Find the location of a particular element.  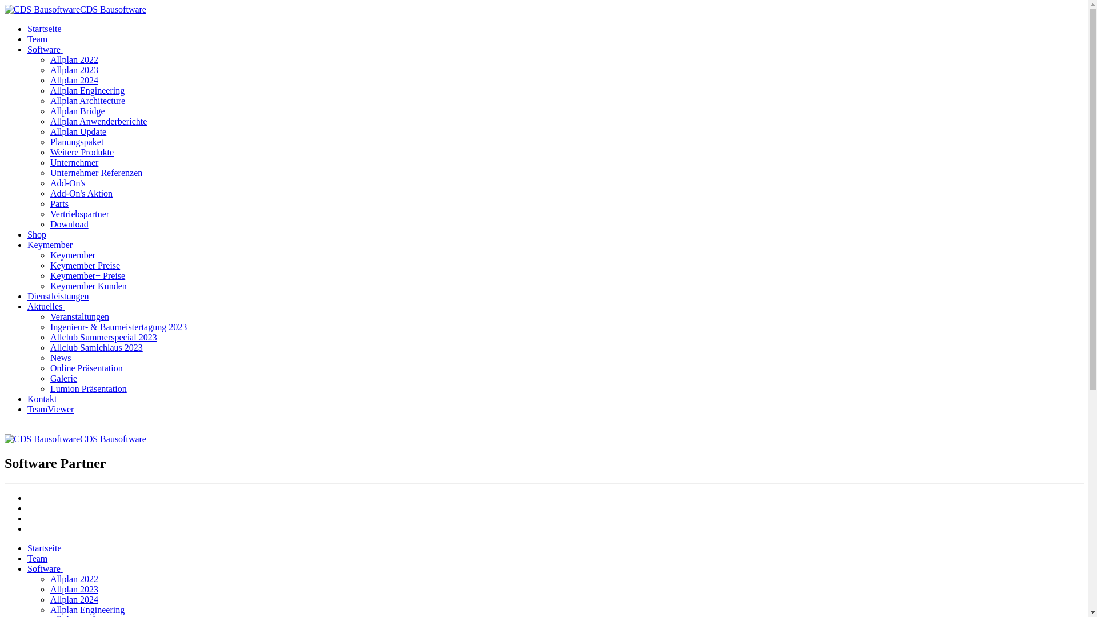

'Allplan Update' is located at coordinates (49, 131).